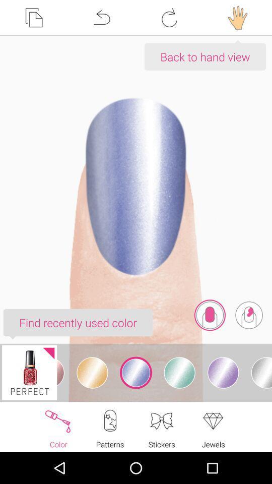  What do you see at coordinates (248, 315) in the screenshot?
I see `the icon below the back to hand app` at bounding box center [248, 315].